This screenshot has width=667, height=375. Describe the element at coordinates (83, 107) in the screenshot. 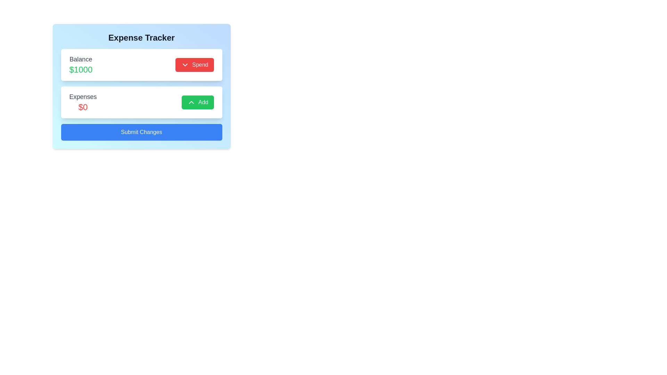

I see `the informational Text label indicating the total expenses, located within the 'Expenses' section of the interface` at that location.